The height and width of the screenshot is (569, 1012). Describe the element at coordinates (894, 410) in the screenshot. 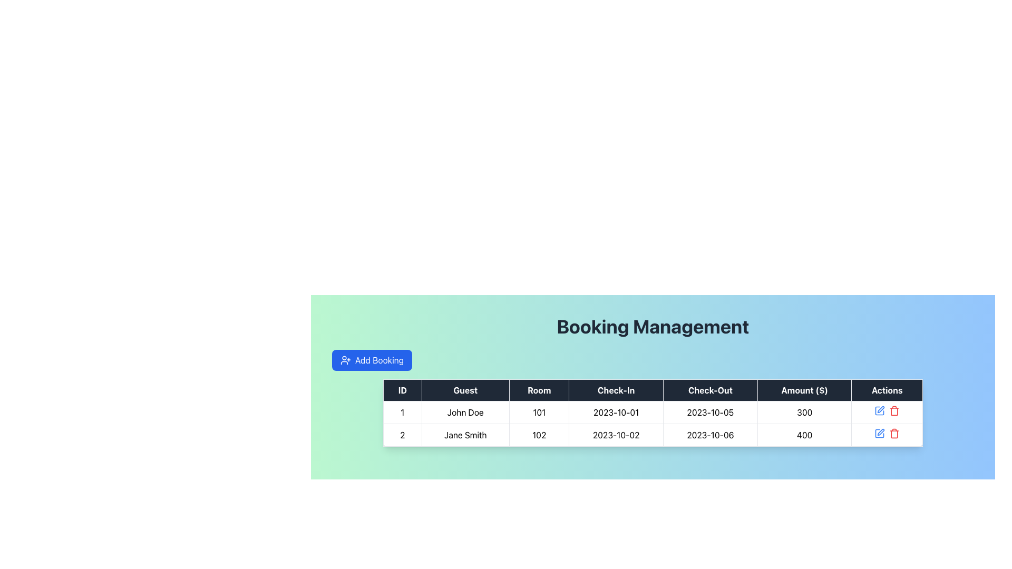

I see `the delete action button located in the rightmost cell of the 'Actions' column in the second row of the table` at that location.